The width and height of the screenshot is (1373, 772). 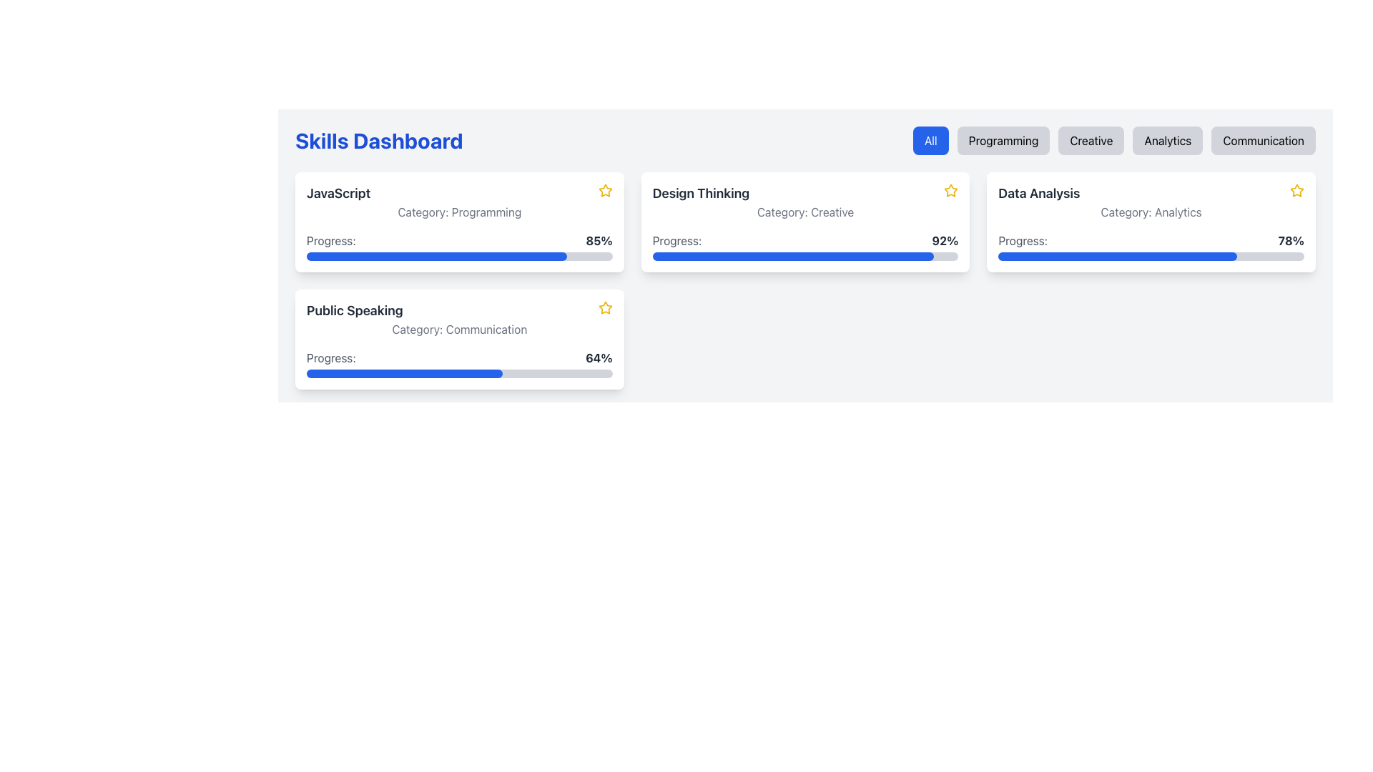 I want to click on the progress bar indicating 92% completion for the 'Design Thinking' topic in the 'Skills Dashboard', so click(x=805, y=255).